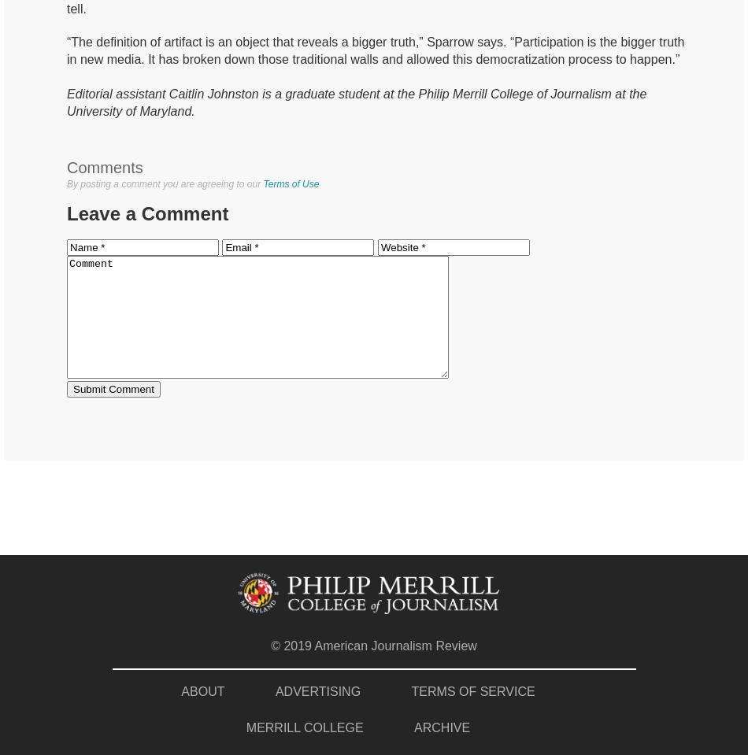 The height and width of the screenshot is (755, 748). I want to click on 'ARCHIVE', so click(442, 727).